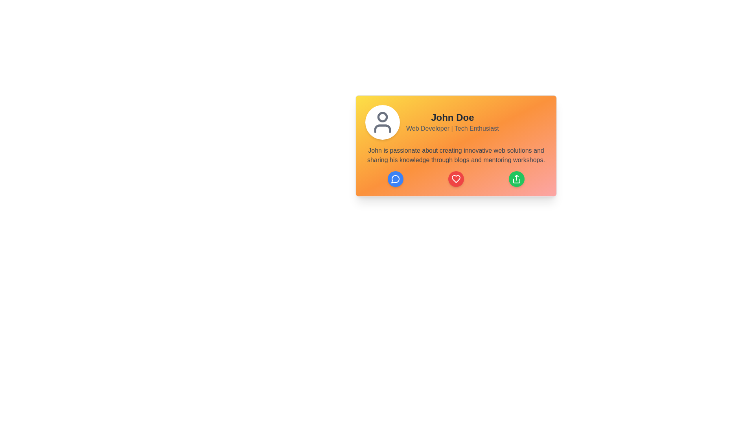 The height and width of the screenshot is (425, 755). Describe the element at coordinates (456, 179) in the screenshot. I see `the 'like' or 'favorite' button located at the bottom of the profile card` at that location.